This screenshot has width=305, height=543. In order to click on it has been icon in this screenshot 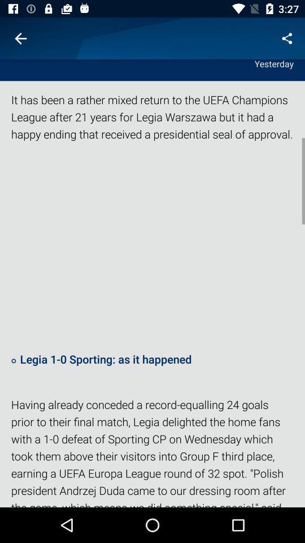, I will do `click(152, 122)`.